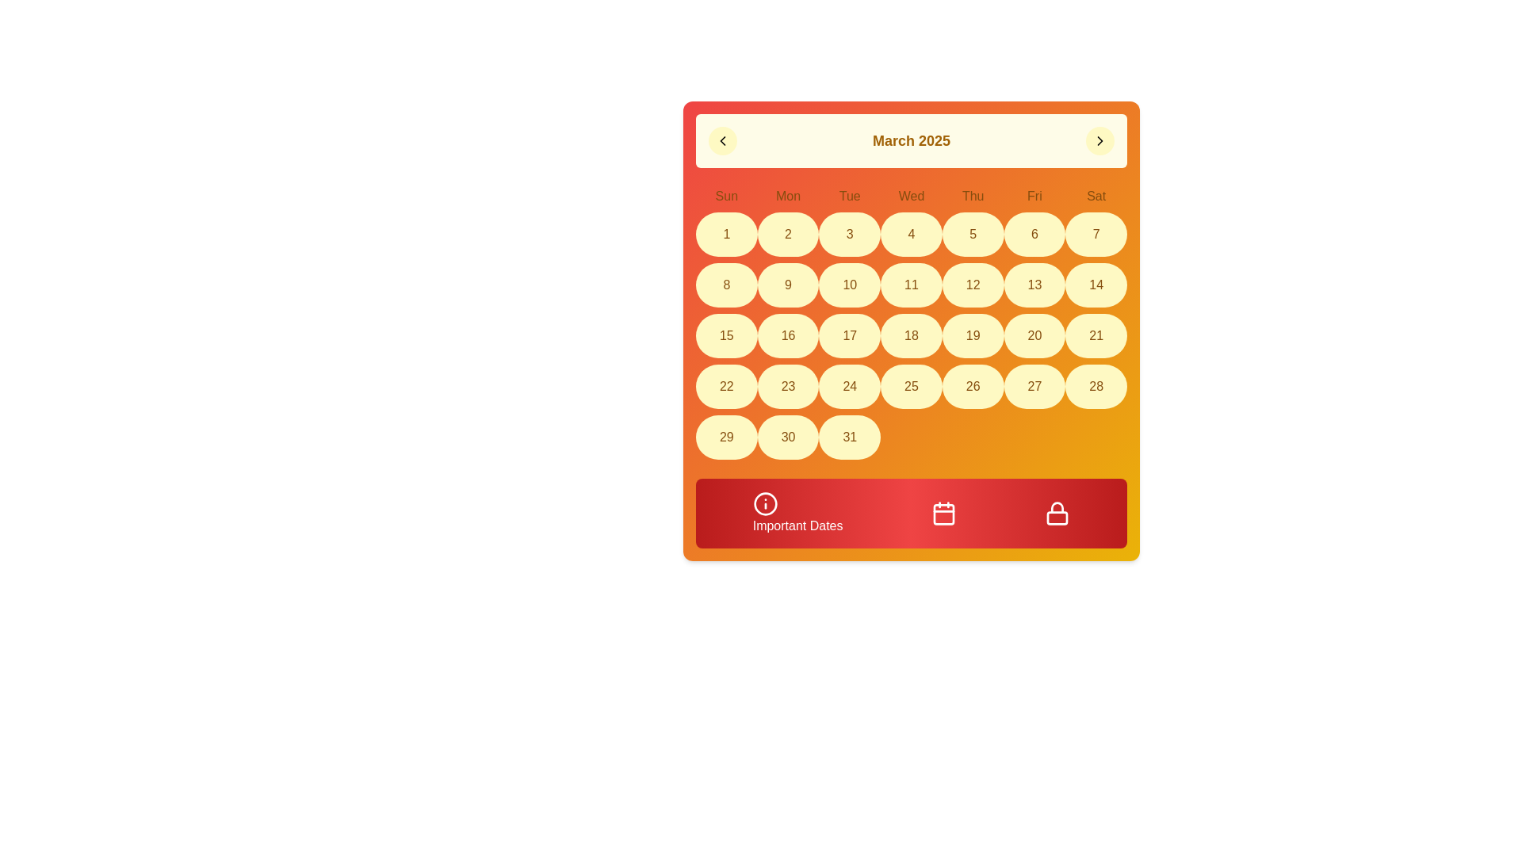 This screenshot has height=856, width=1522. What do you see at coordinates (1057, 518) in the screenshot?
I see `the lock icon component located at the bottom-right corner of the interface, which visually represents the body of a lock` at bounding box center [1057, 518].